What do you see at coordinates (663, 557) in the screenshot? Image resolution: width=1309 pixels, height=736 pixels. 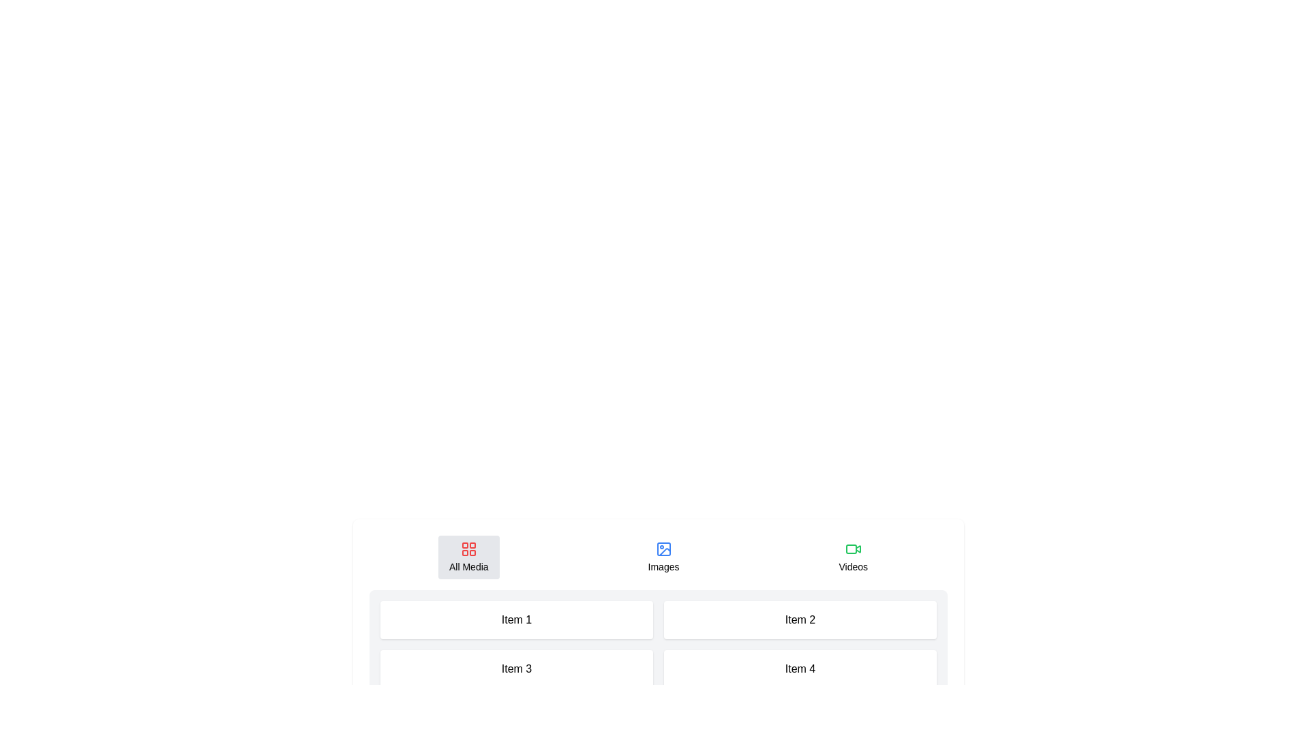 I see `the 'Images' tab to switch to the Images view` at bounding box center [663, 557].